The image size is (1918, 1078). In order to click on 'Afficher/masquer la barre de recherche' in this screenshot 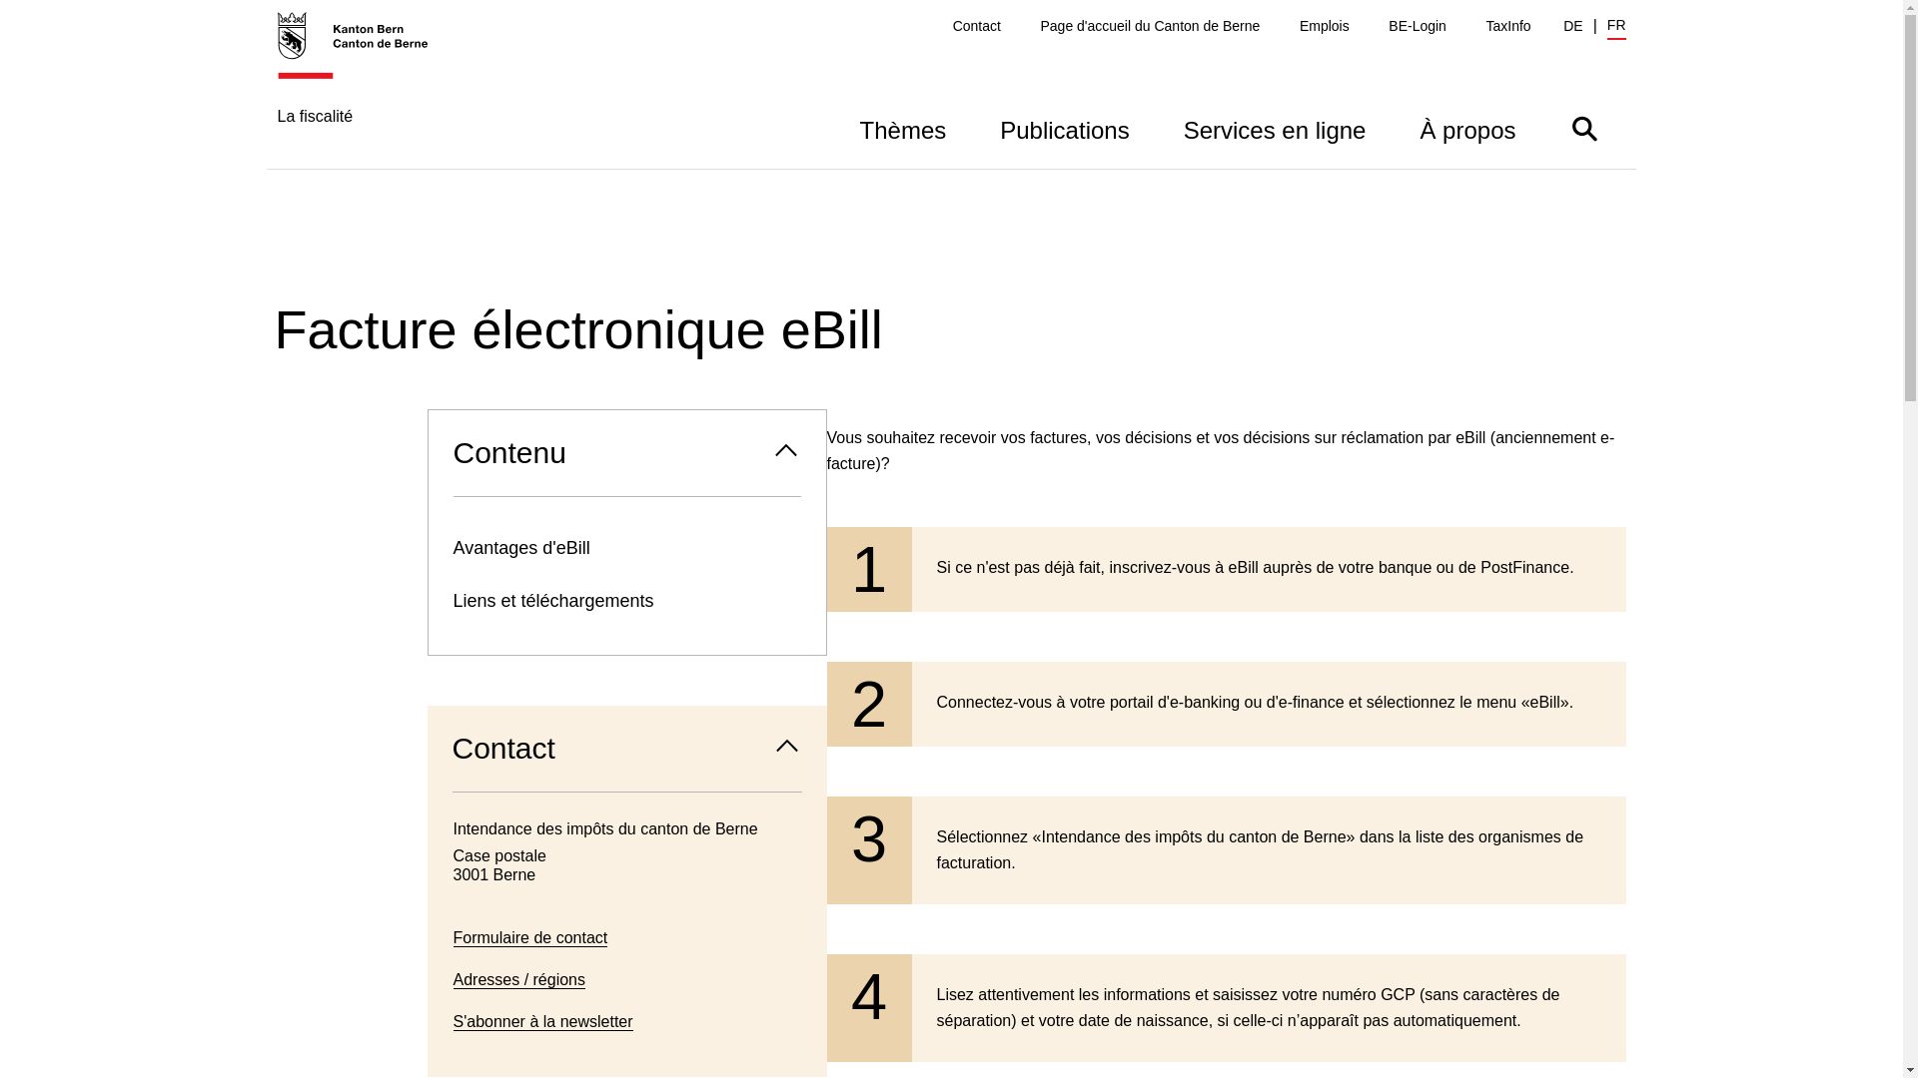, I will do `click(1582, 128)`.